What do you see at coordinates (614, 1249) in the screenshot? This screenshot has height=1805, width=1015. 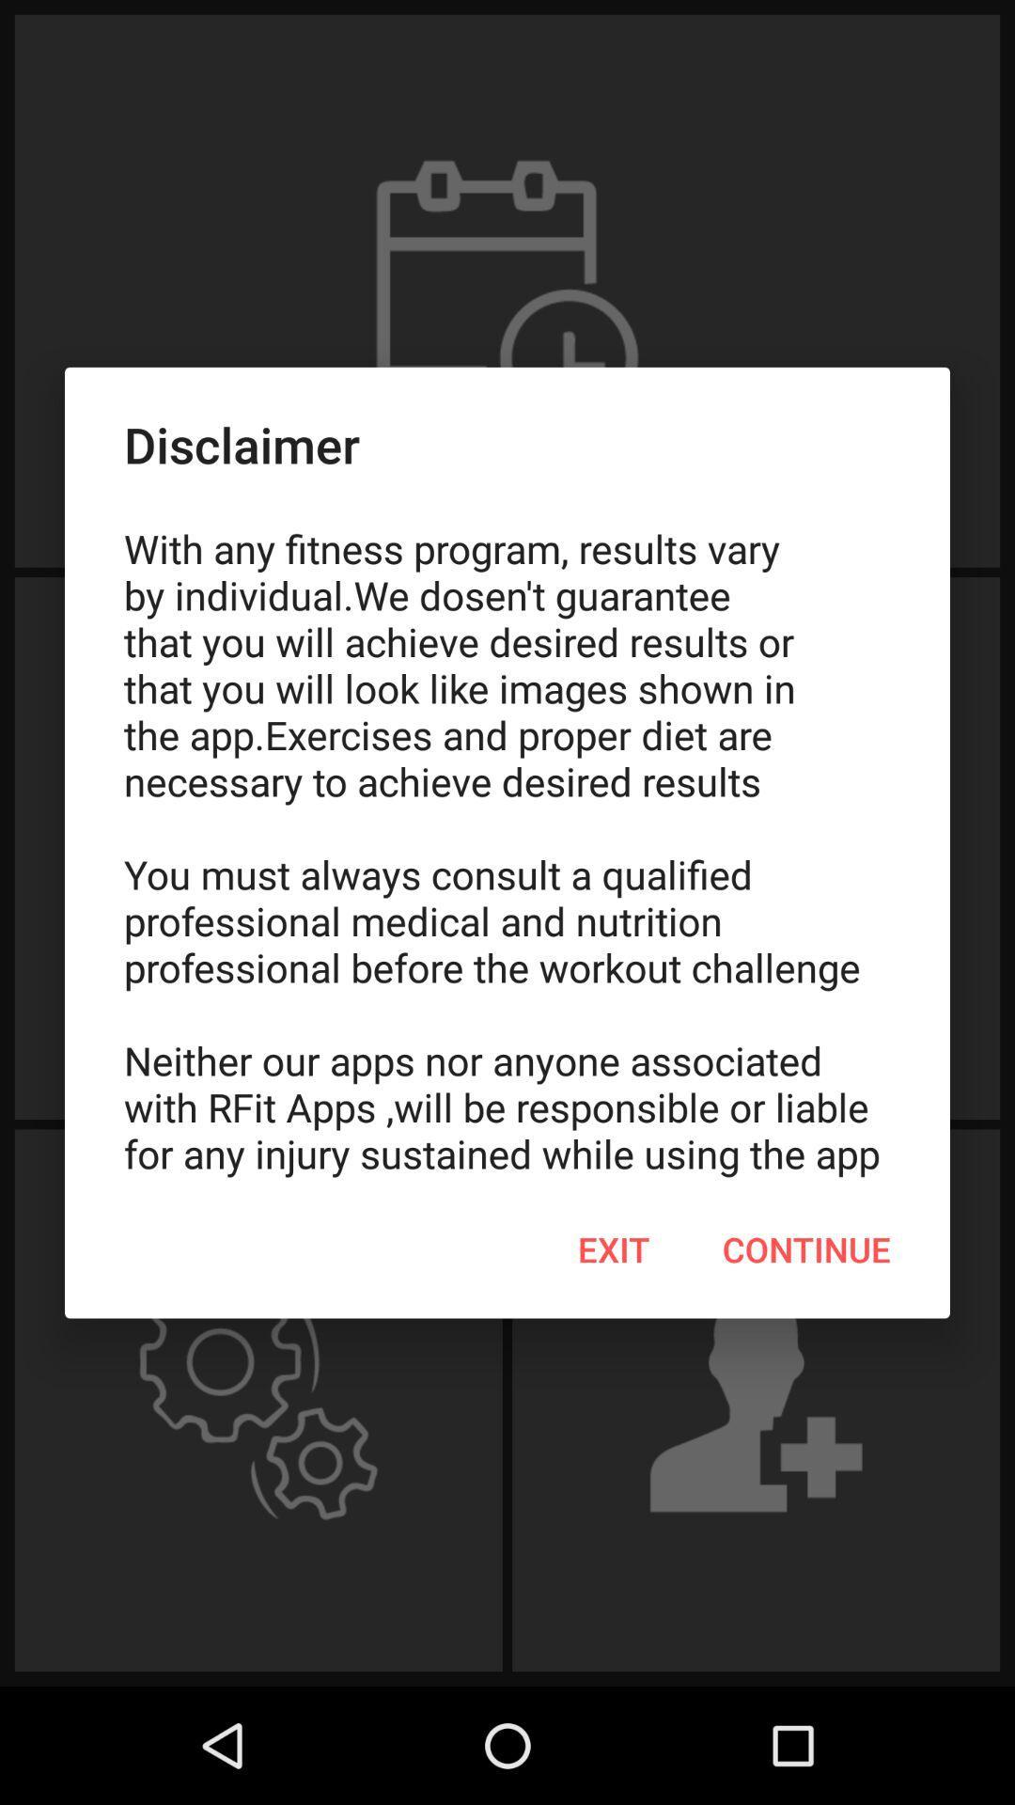 I see `the exit at the bottom` at bounding box center [614, 1249].